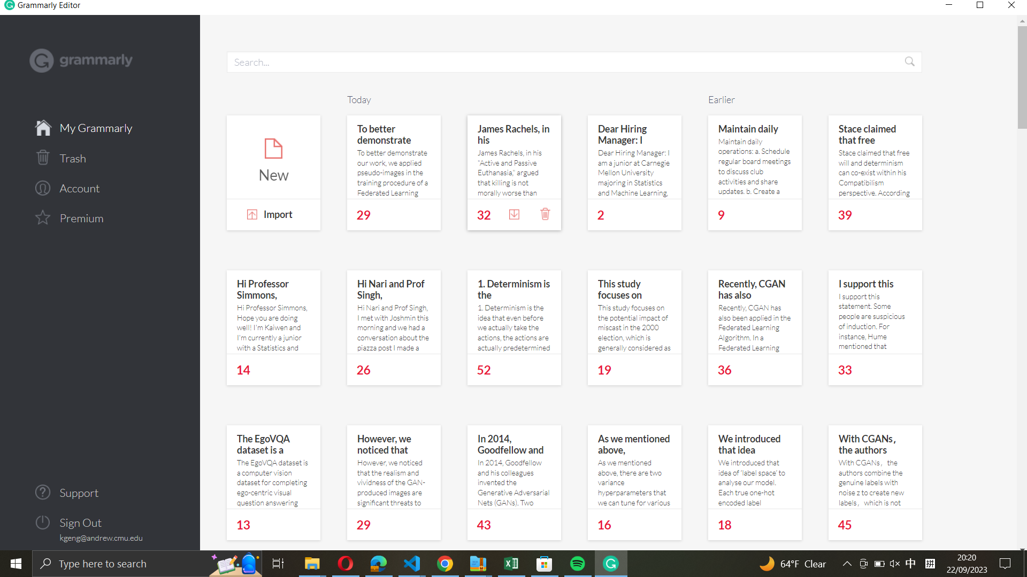 The width and height of the screenshot is (1027, 577). What do you see at coordinates (1020, 498) in the screenshot?
I see `the bottom of the page` at bounding box center [1020, 498].